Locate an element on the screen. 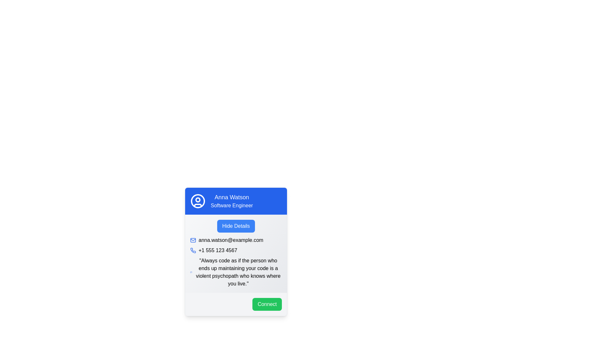  the phone number text display element located under the email address and above the quote block, which shows a contact phone number next to a phone icon is located at coordinates (218, 250).